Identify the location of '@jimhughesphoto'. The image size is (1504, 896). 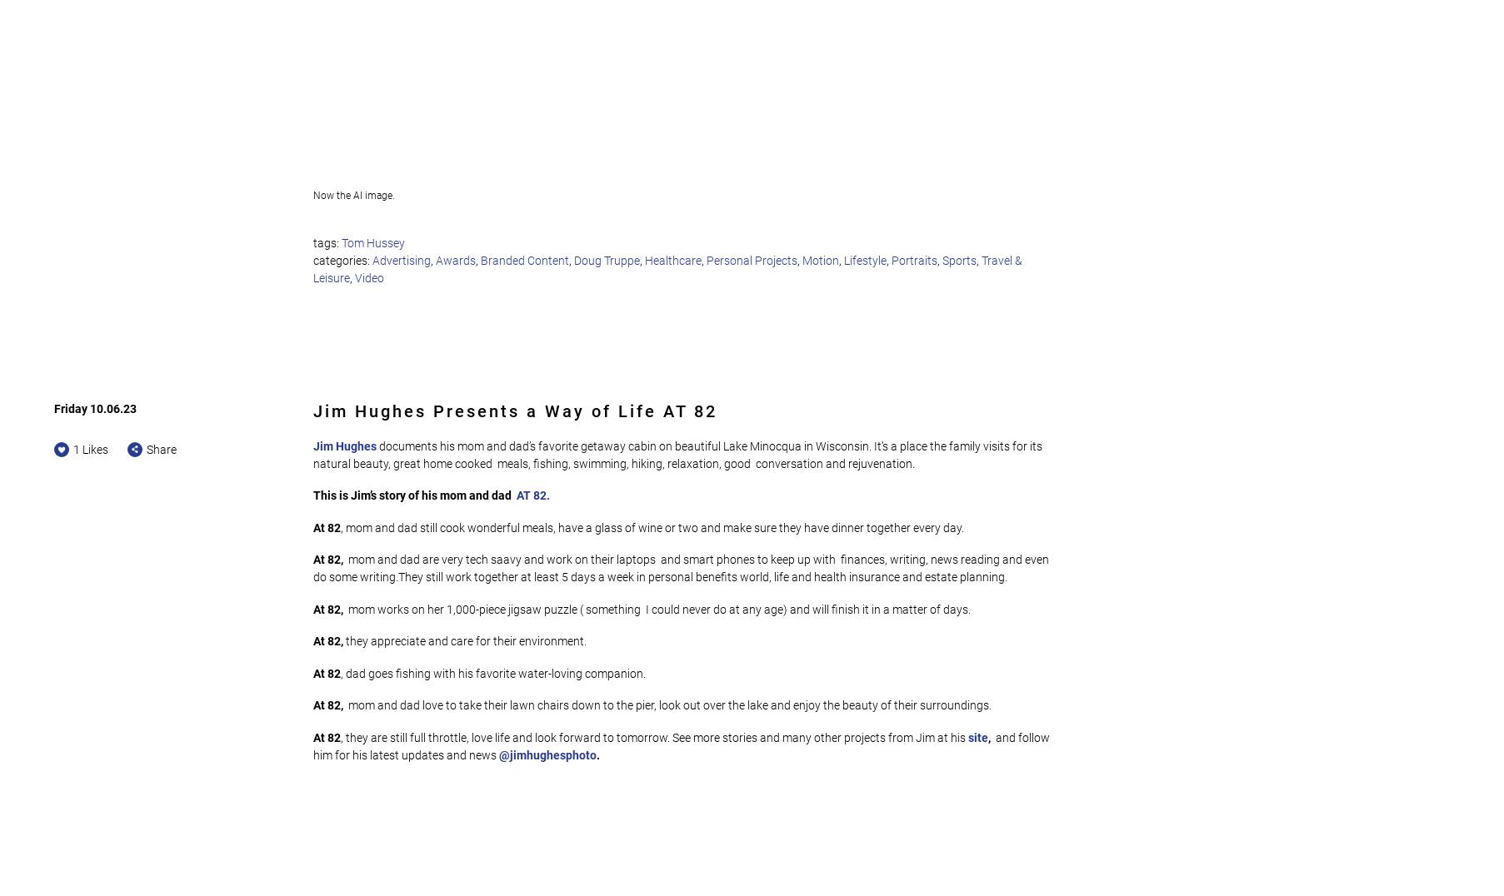
(547, 753).